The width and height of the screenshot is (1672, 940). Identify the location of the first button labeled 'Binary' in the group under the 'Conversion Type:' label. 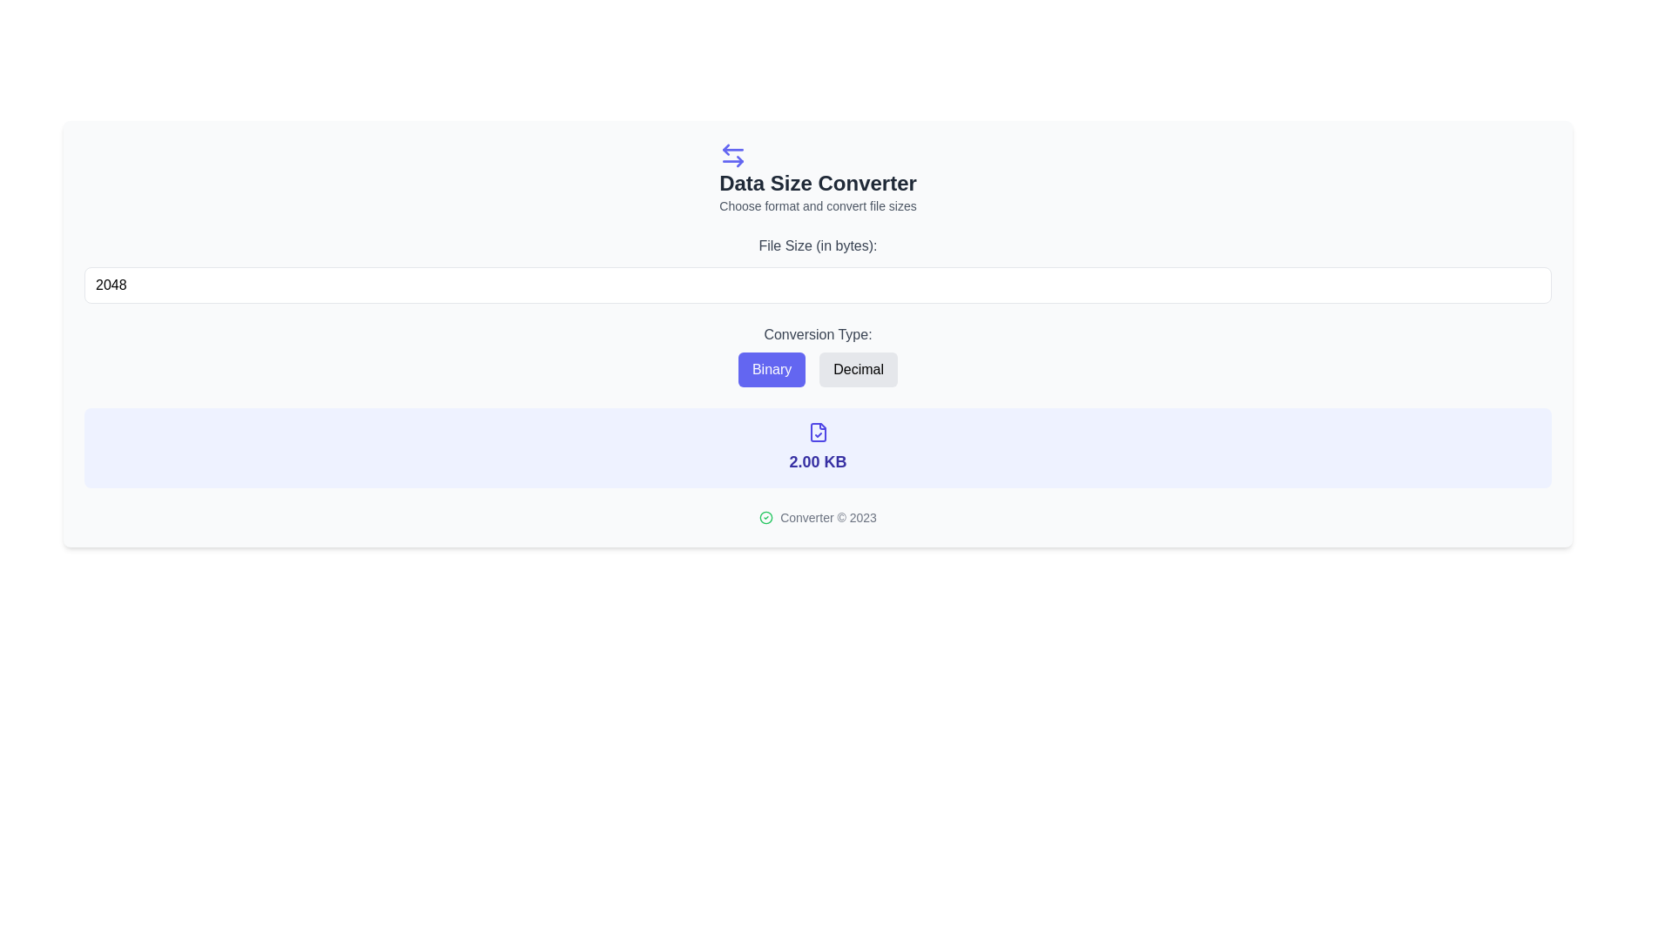
(771, 368).